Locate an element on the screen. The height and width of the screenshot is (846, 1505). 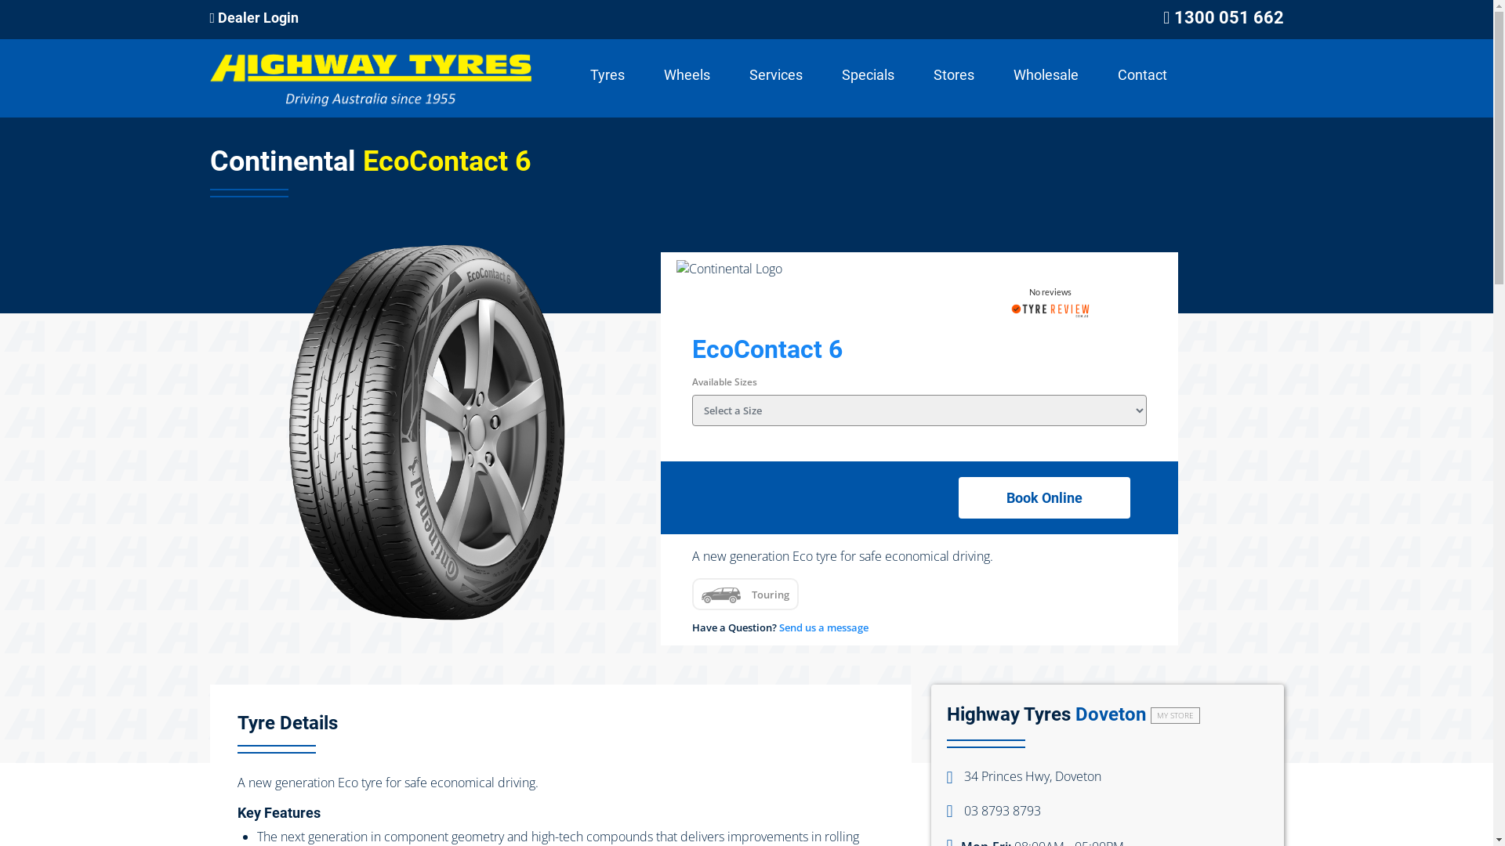
'Wholesale' is located at coordinates (1045, 74).